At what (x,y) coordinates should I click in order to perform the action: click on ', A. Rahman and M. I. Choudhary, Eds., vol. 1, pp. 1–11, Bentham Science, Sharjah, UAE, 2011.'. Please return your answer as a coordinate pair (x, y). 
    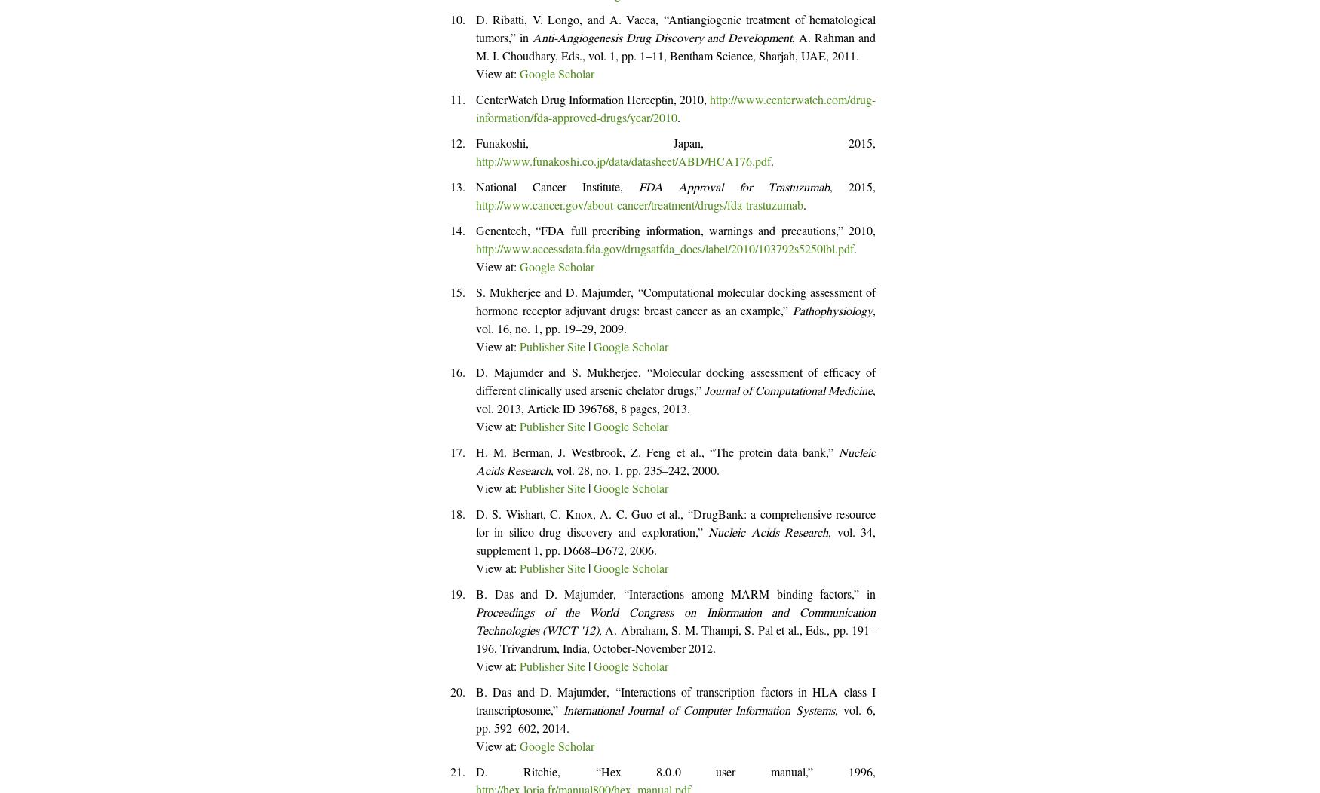
    Looking at the image, I should click on (675, 48).